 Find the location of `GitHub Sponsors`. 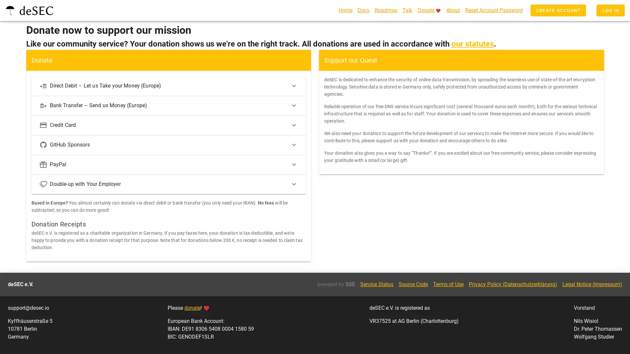

GitHub Sponsors is located at coordinates (168, 147).